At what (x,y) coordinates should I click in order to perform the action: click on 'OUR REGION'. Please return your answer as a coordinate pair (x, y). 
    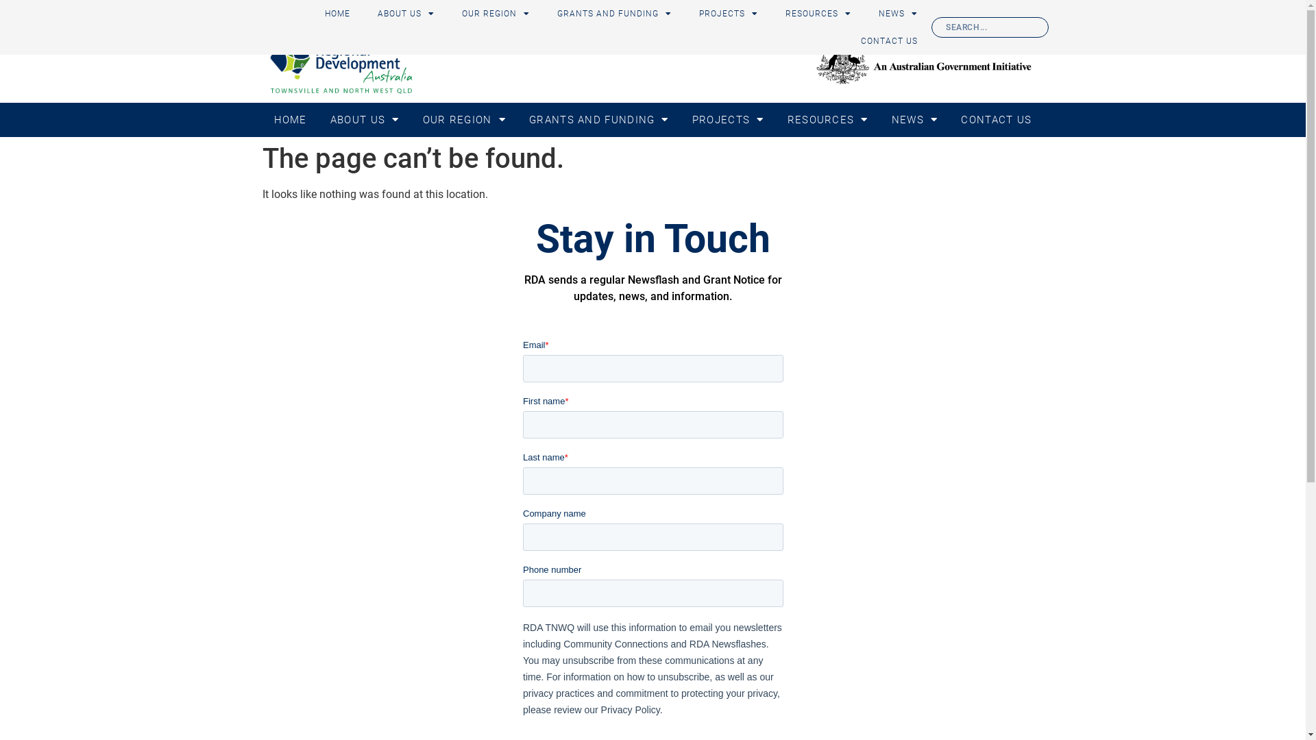
    Looking at the image, I should click on (448, 13).